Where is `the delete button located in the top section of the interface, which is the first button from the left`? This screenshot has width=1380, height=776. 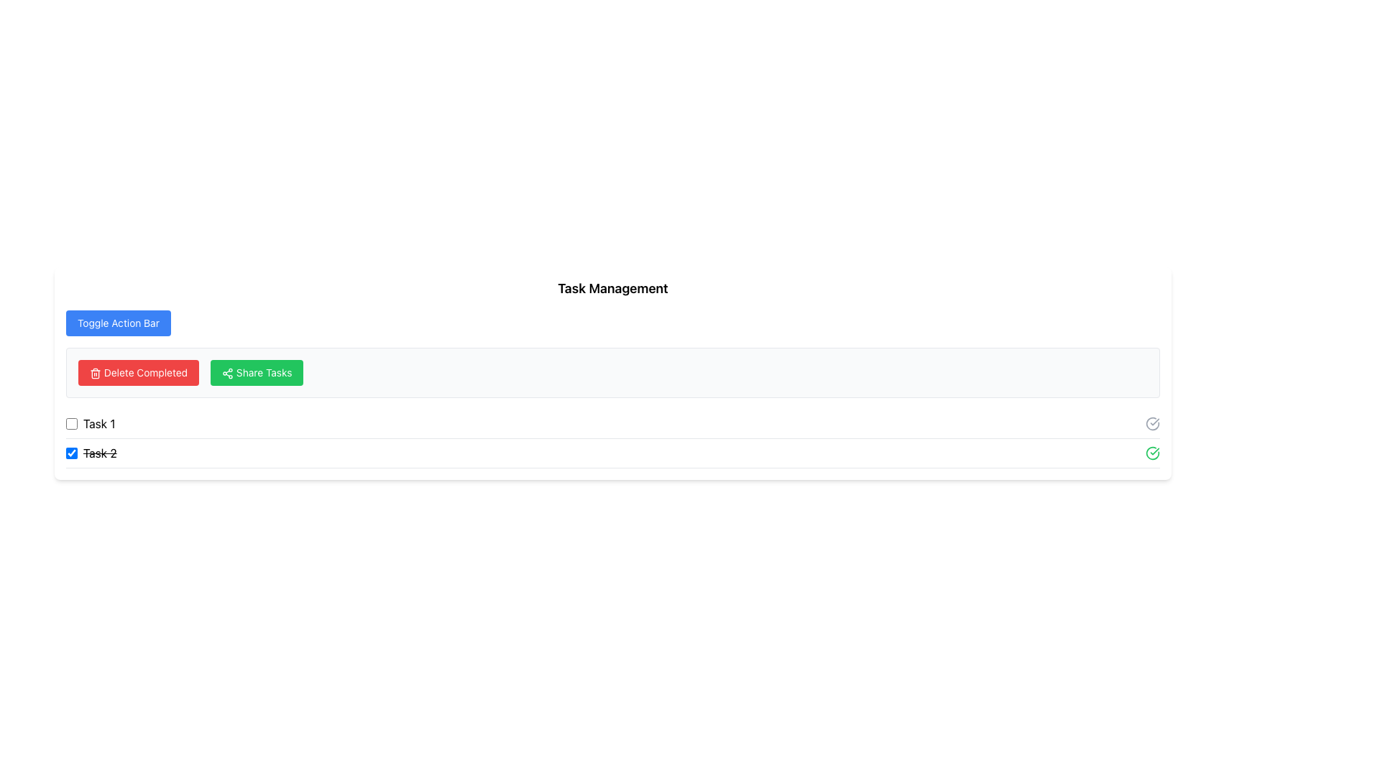
the delete button located in the top section of the interface, which is the first button from the left is located at coordinates (139, 372).